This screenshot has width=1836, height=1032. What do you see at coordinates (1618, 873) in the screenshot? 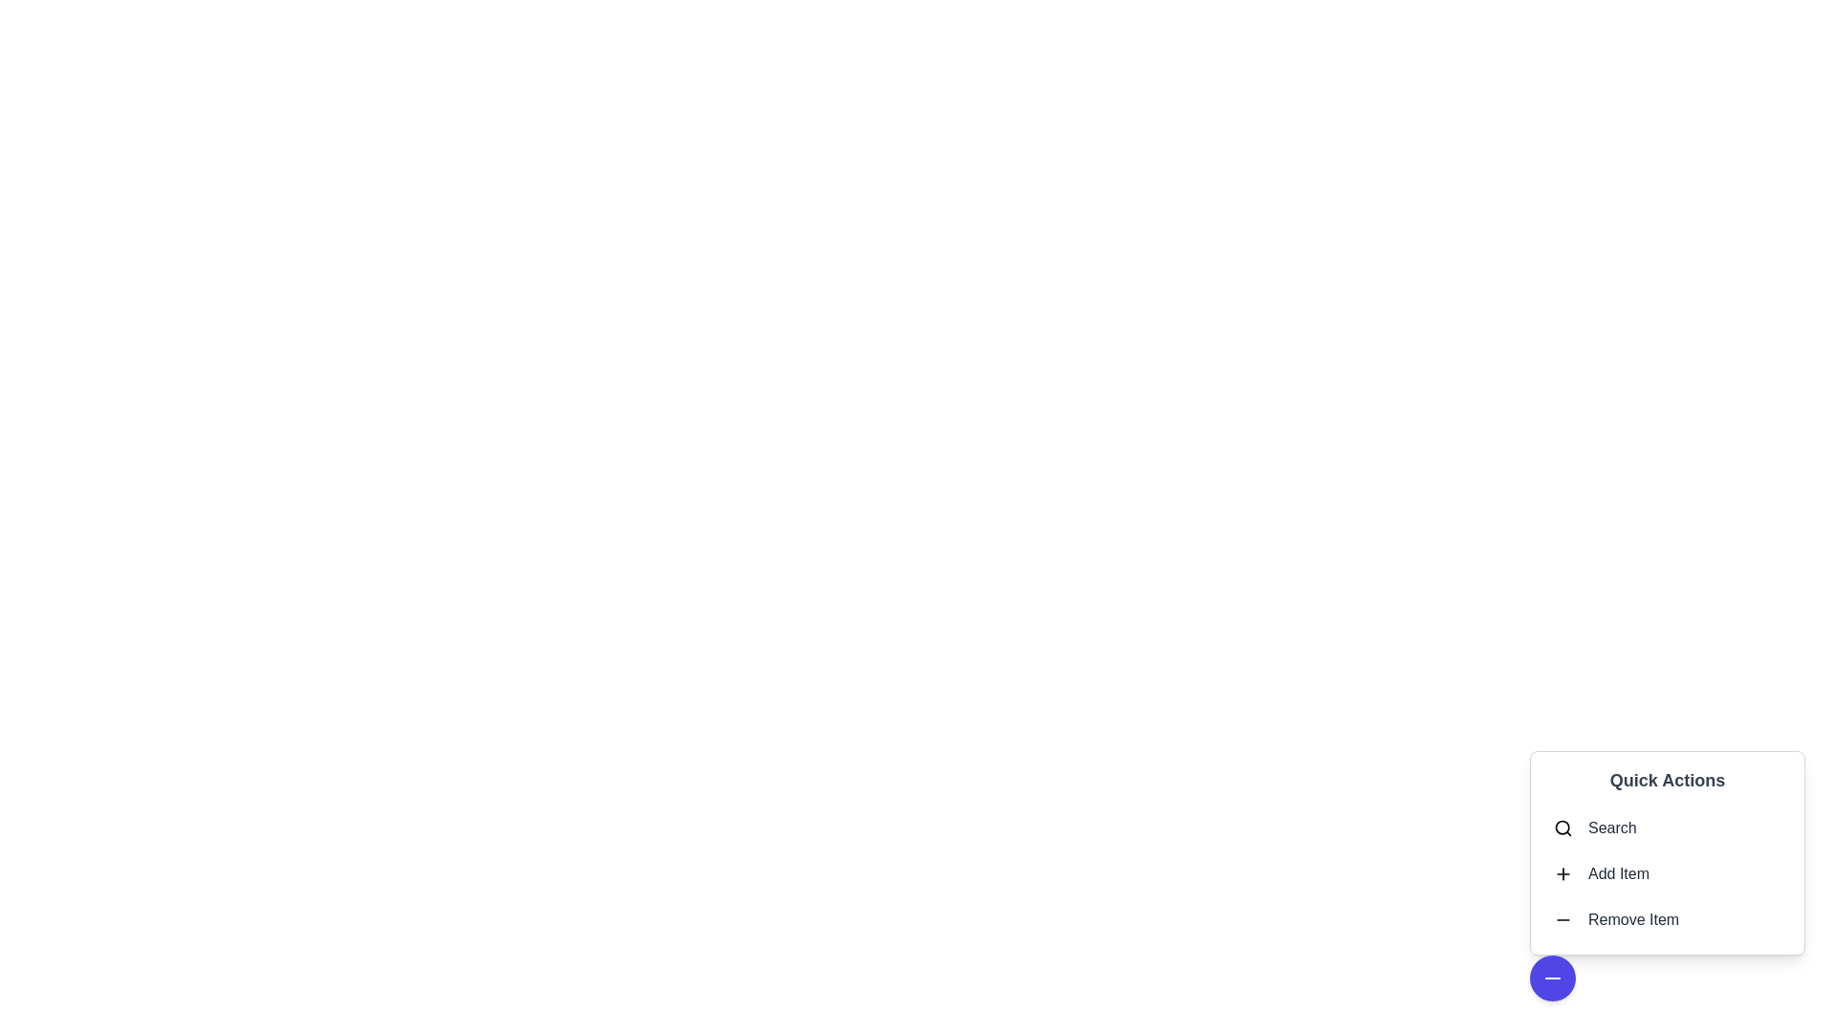
I see `the 'Add Item' text label/button located in the 'Quick Actions' section` at bounding box center [1618, 873].